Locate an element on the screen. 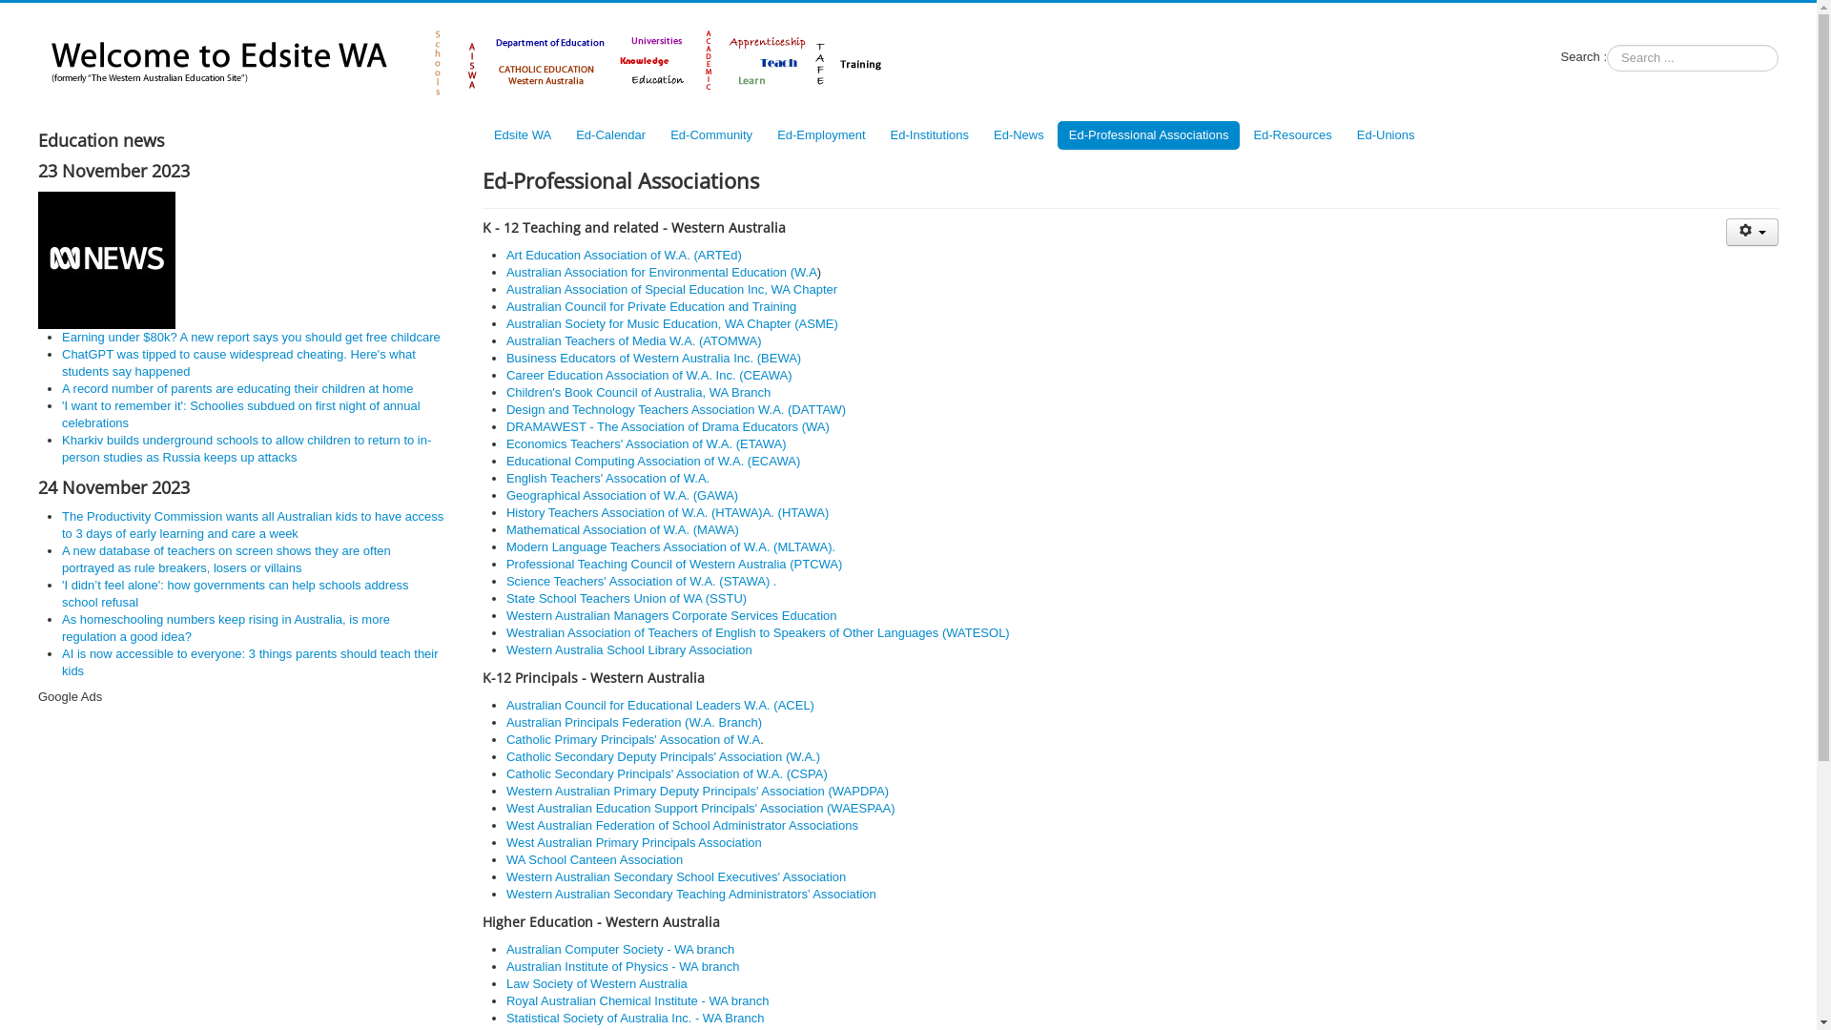 Image resolution: width=1831 pixels, height=1030 pixels. 'Australian Council for Educational Leaders W.A. (ACEL)' is located at coordinates (660, 705).